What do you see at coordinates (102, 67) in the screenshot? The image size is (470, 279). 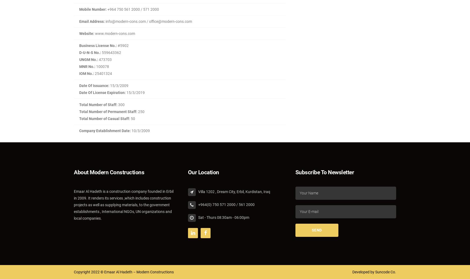 I see `'100078'` at bounding box center [102, 67].